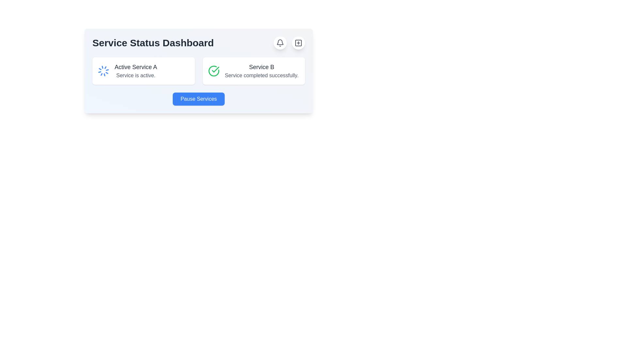  What do you see at coordinates (280, 43) in the screenshot?
I see `the notification button located on the top-right corner of the main dashboard banner` at bounding box center [280, 43].